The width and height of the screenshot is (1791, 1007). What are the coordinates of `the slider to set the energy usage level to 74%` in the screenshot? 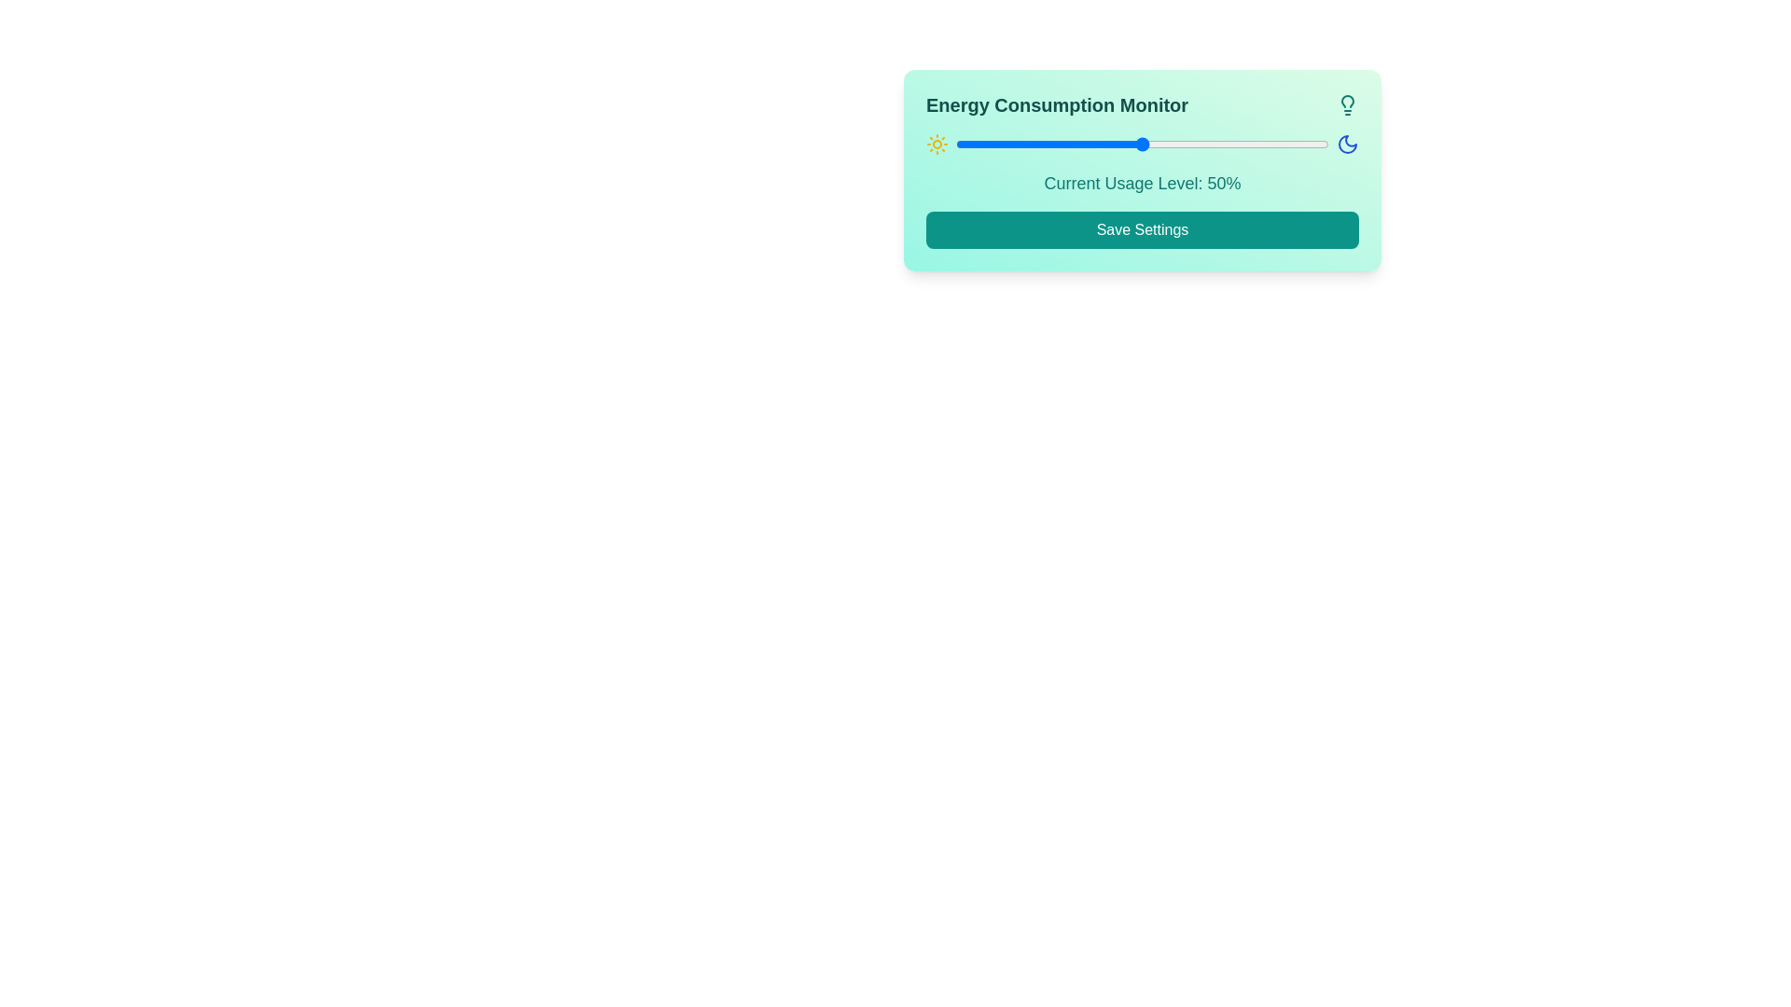 It's located at (1231, 143).